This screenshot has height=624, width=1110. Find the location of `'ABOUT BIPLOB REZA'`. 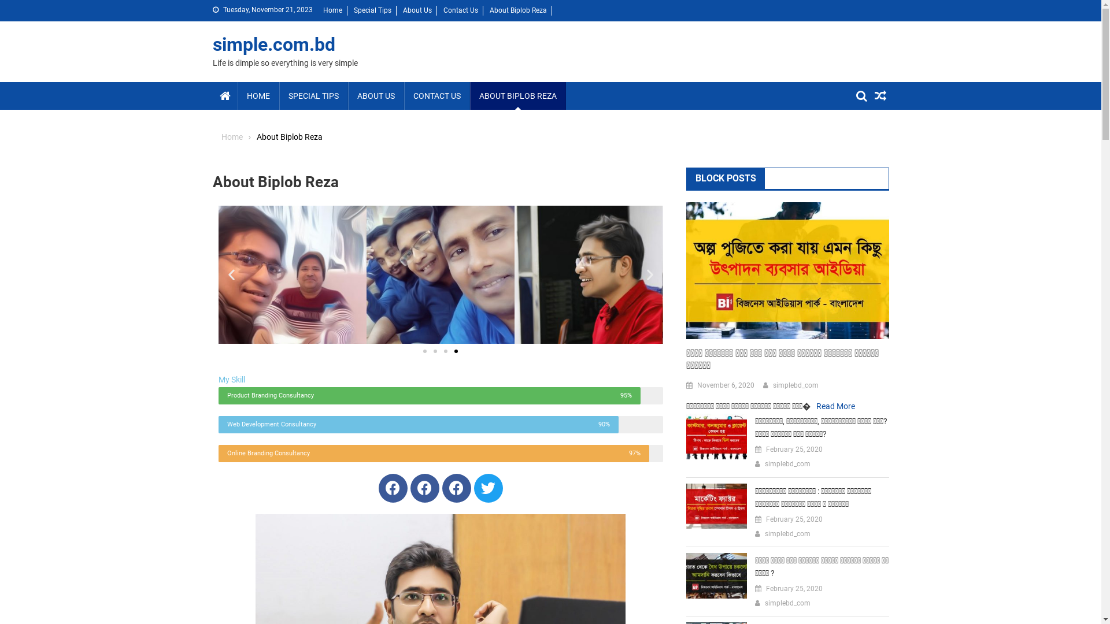

'ABOUT BIPLOB REZA' is located at coordinates (469, 95).